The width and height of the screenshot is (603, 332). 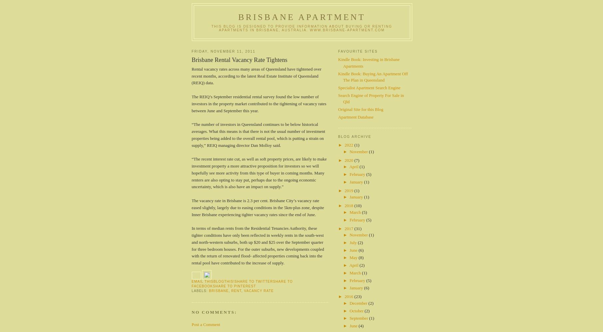 What do you see at coordinates (355, 116) in the screenshot?
I see `'Apartment Database'` at bounding box center [355, 116].